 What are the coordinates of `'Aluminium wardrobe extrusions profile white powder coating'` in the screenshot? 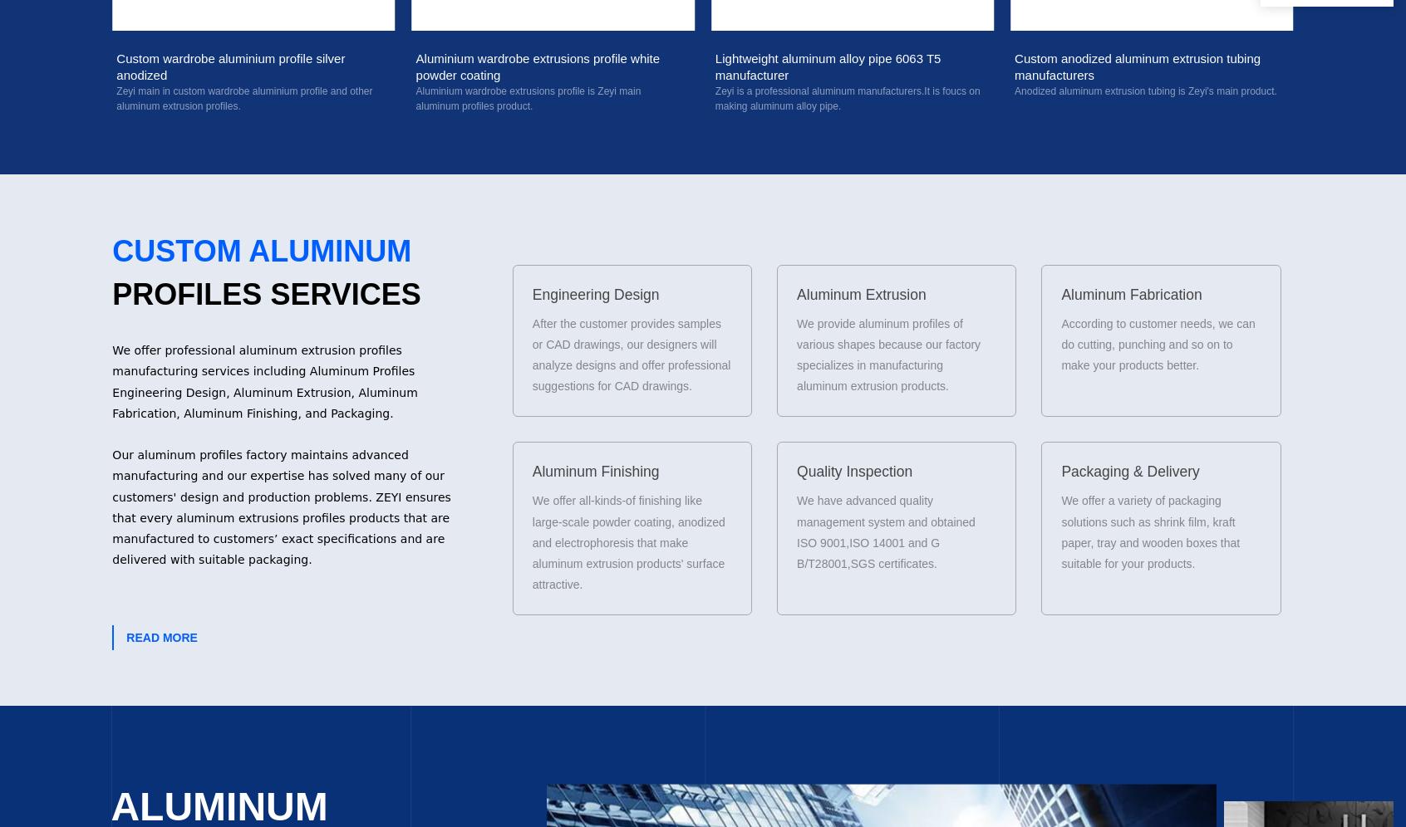 It's located at (237, 65).